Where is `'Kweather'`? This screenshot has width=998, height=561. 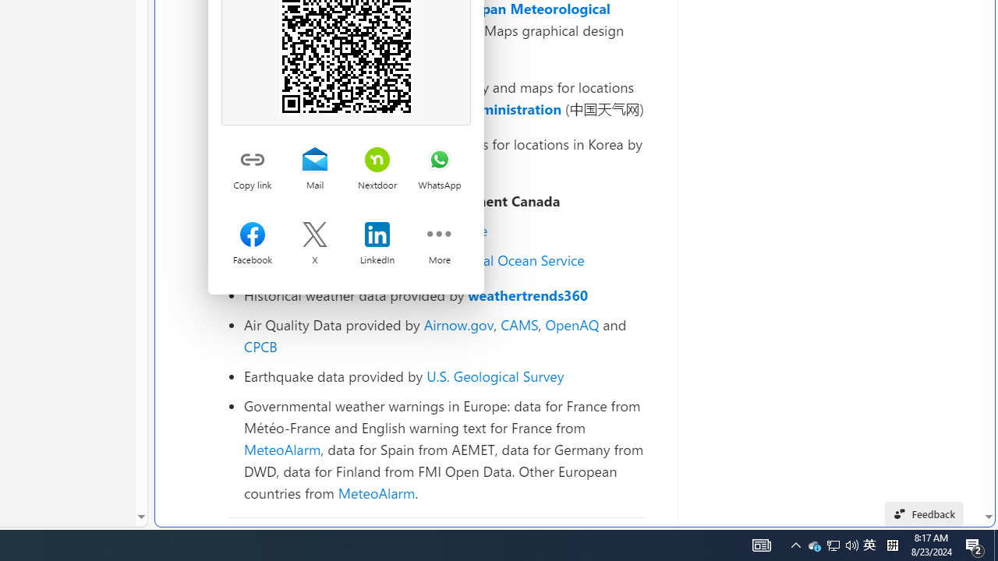 'Kweather' is located at coordinates (275, 165).